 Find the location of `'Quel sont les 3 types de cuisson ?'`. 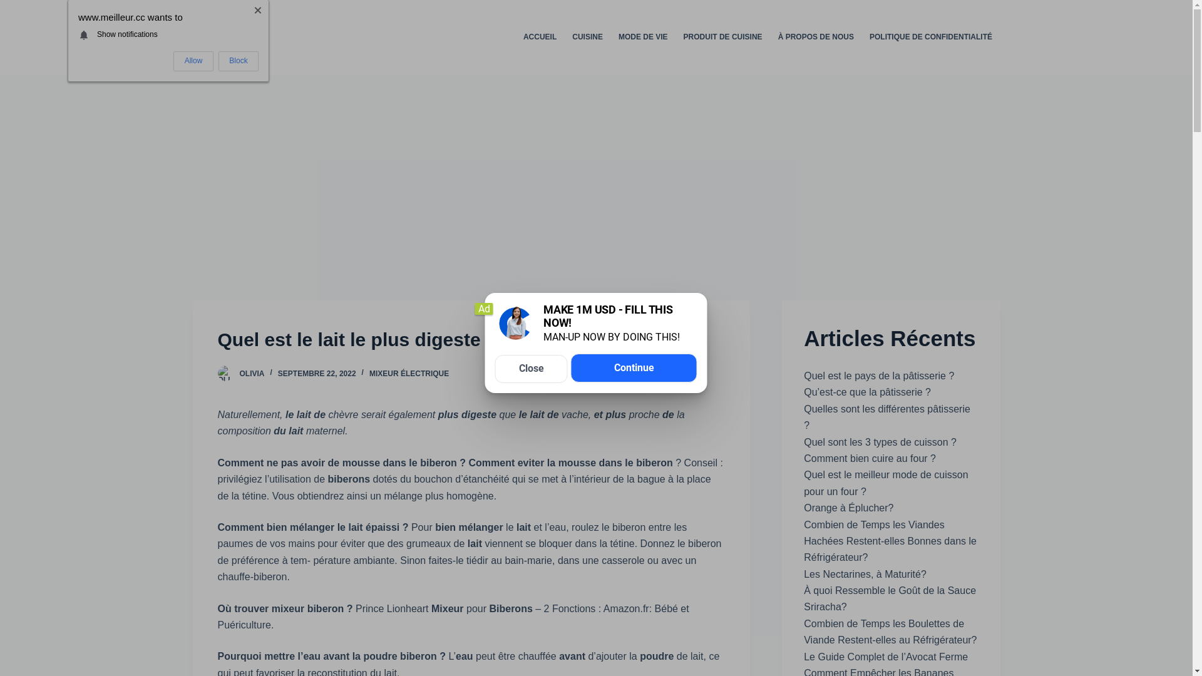

'Quel sont les 3 types de cuisson ?' is located at coordinates (803, 441).